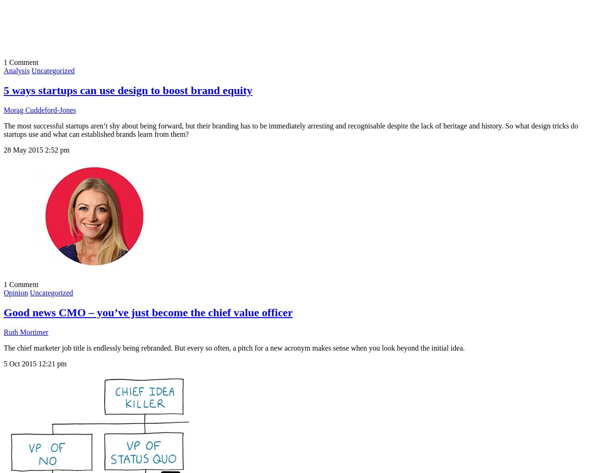 Image resolution: width=593 pixels, height=473 pixels. What do you see at coordinates (26, 332) in the screenshot?
I see `'Ruth Mortimer'` at bounding box center [26, 332].